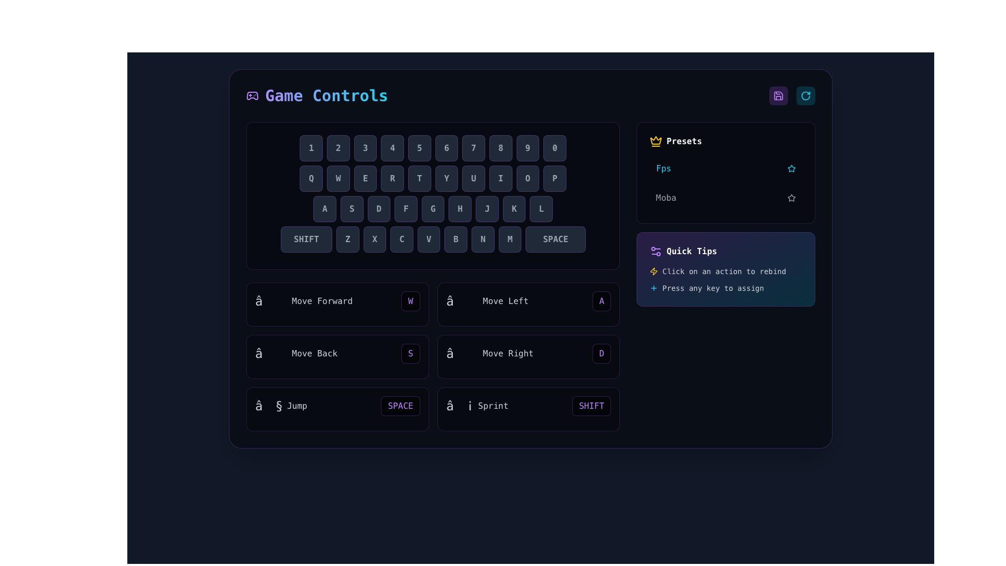  What do you see at coordinates (725, 198) in the screenshot?
I see `the second item in the 'Presets' section of the interactive list` at bounding box center [725, 198].